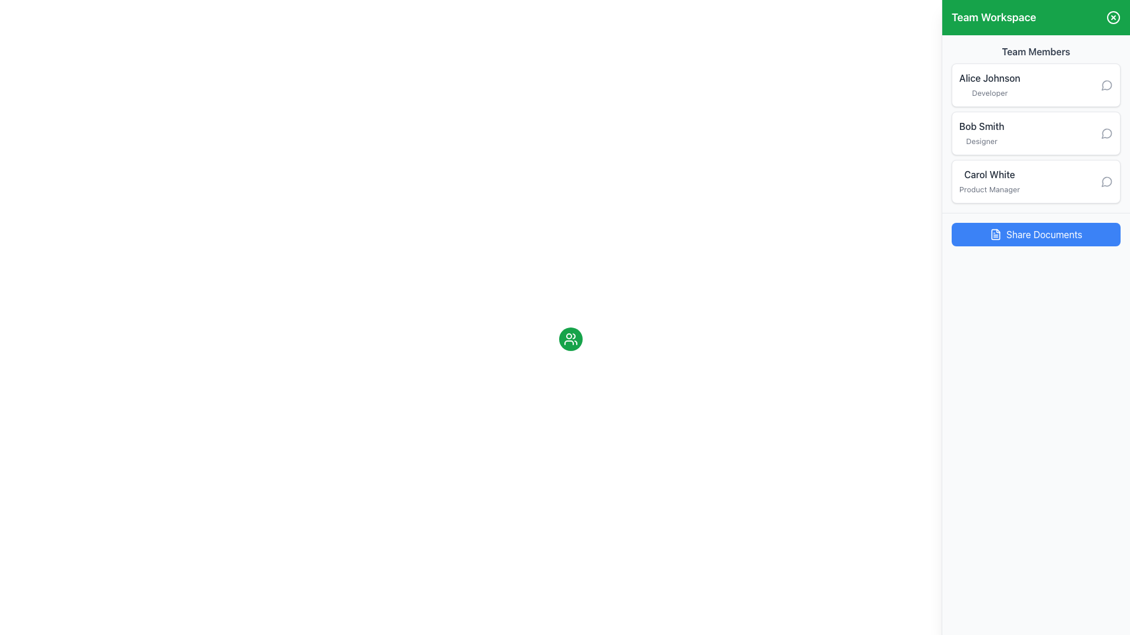 The image size is (1130, 635). What do you see at coordinates (989, 78) in the screenshot?
I see `the static text label displaying 'Alice Johnson' at the top of the 'Team Members' section in the top-right sidebar` at bounding box center [989, 78].